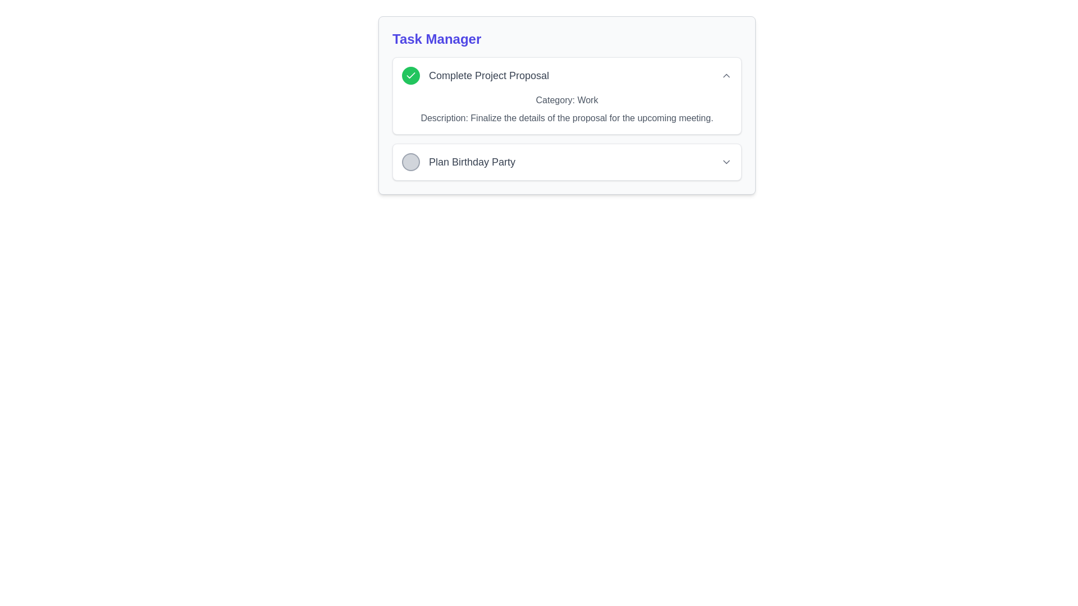 Image resolution: width=1078 pixels, height=606 pixels. What do you see at coordinates (727, 76) in the screenshot?
I see `the clickable icon at the far-right of the horizontal bar displaying the task title 'Complete Project Proposal' to change its color` at bounding box center [727, 76].